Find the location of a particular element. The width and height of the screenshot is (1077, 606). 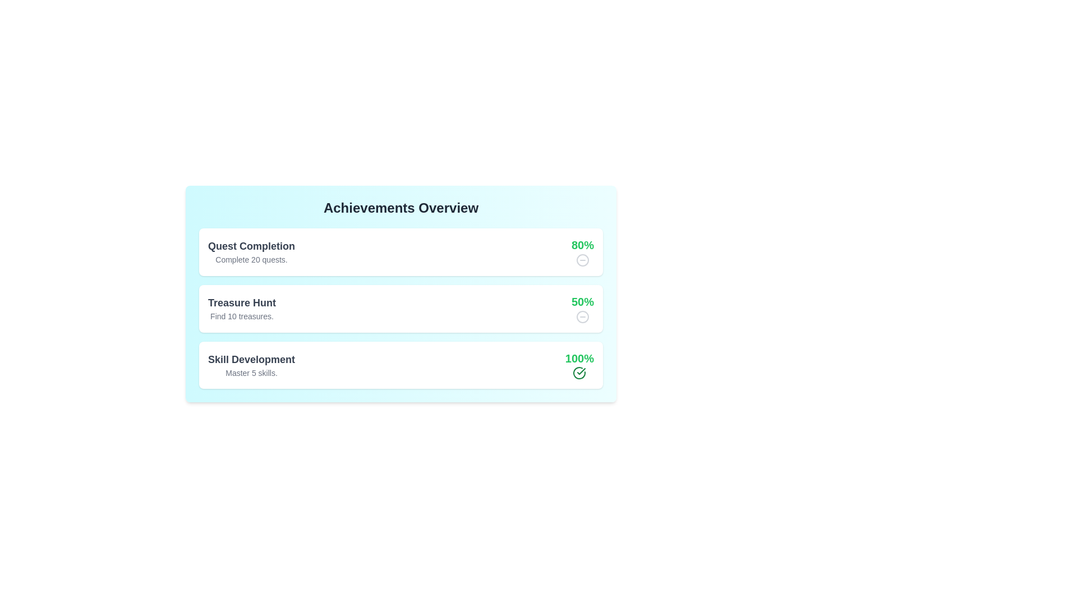

the text element that reads 'Master 5 skills.' which is styled in small gray font and is positioned below the header 'Skill Development.' is located at coordinates (251, 373).